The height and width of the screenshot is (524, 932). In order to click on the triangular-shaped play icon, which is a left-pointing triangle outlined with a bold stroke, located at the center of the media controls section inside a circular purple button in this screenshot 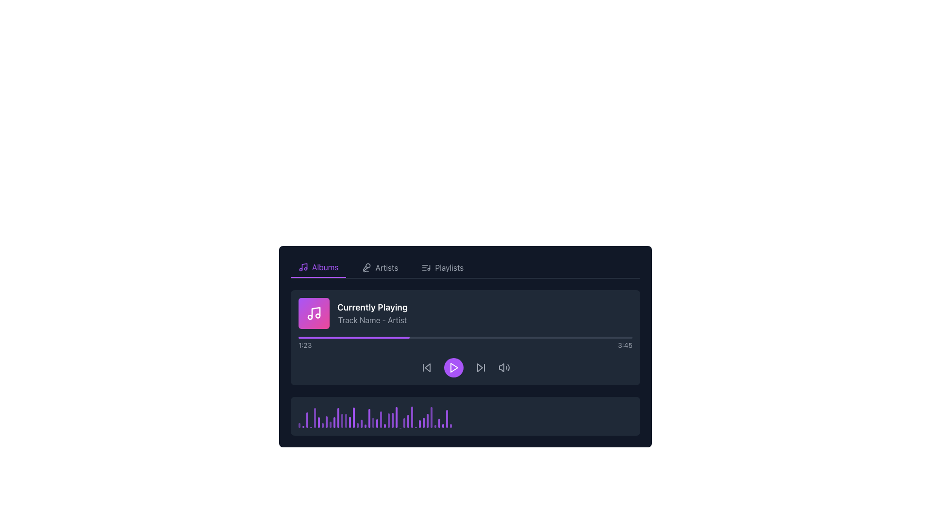, I will do `click(454, 368)`.